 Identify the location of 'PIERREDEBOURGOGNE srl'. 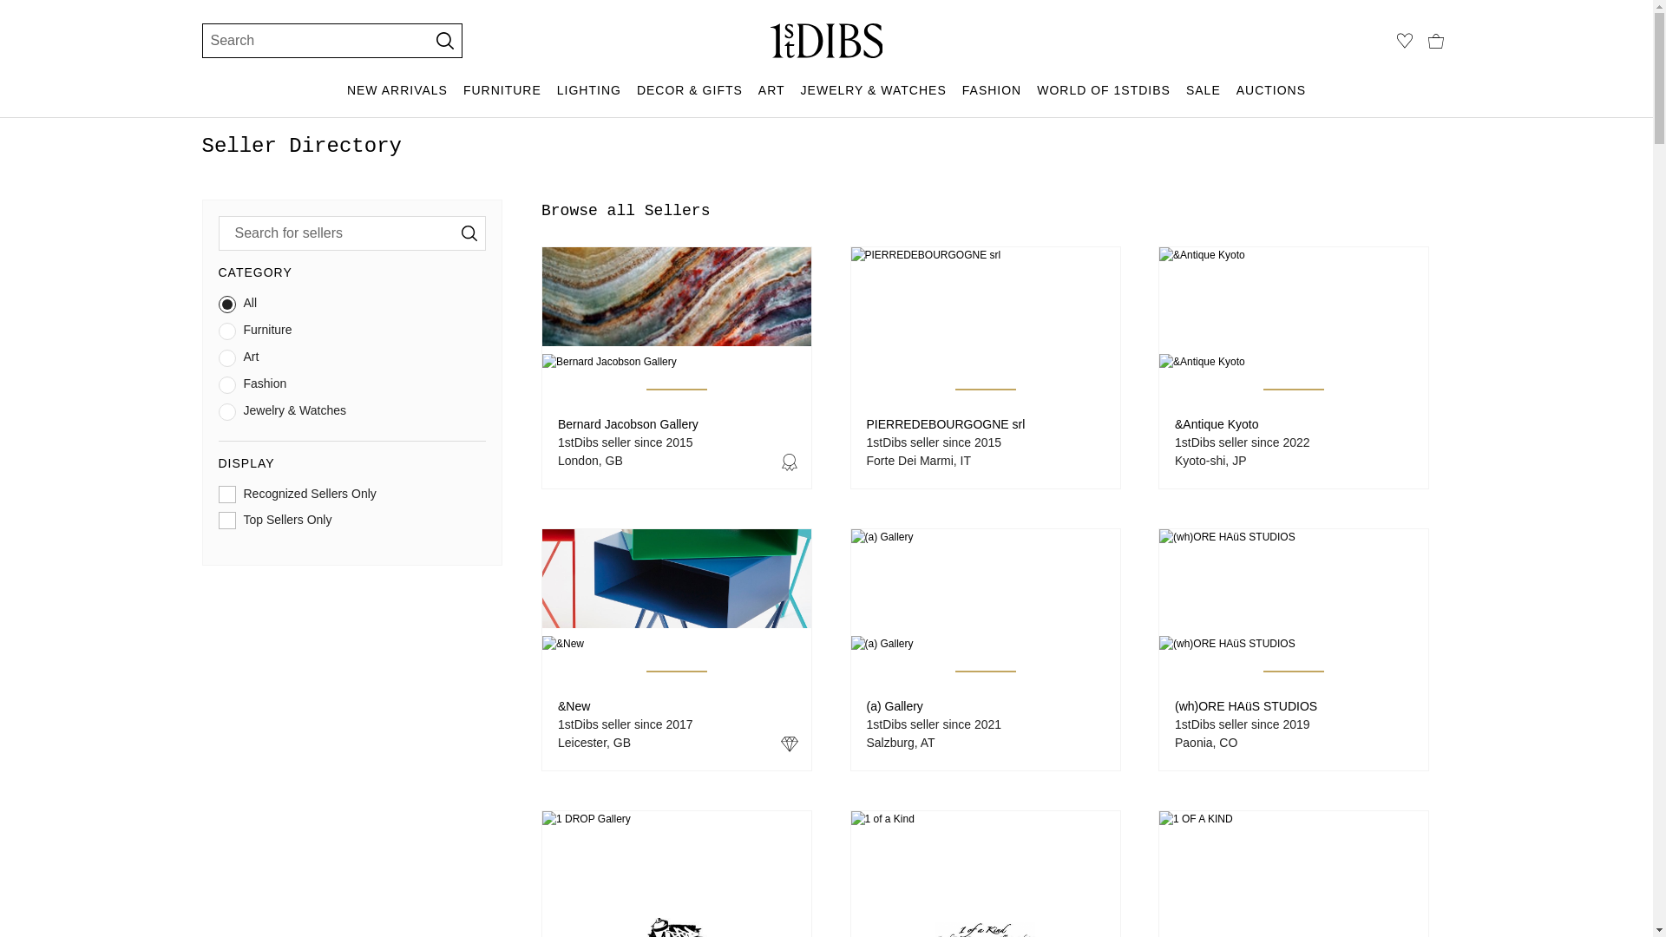
(944, 424).